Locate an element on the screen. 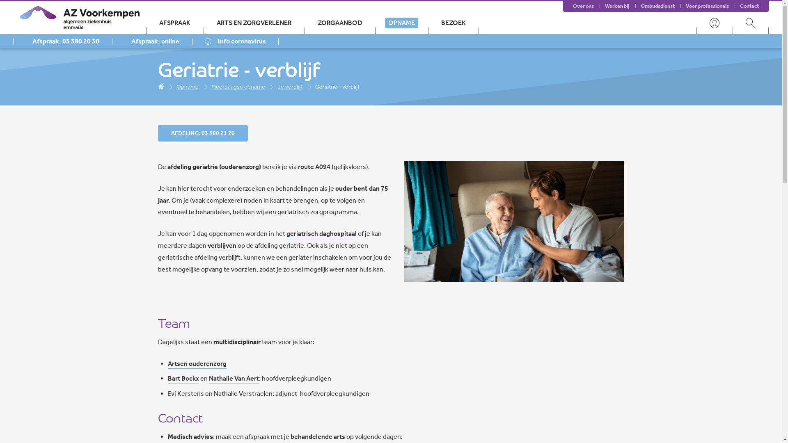  'route A094' is located at coordinates (314, 167).